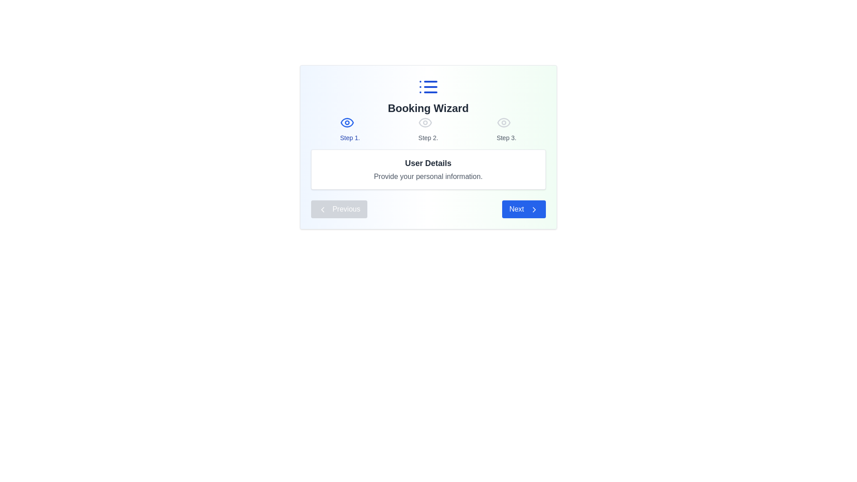 The width and height of the screenshot is (857, 482). I want to click on the eye icon styled in light gray, which is positioned above the text 'Step 2.' in the booking wizard's step navigation interface, so click(425, 122).